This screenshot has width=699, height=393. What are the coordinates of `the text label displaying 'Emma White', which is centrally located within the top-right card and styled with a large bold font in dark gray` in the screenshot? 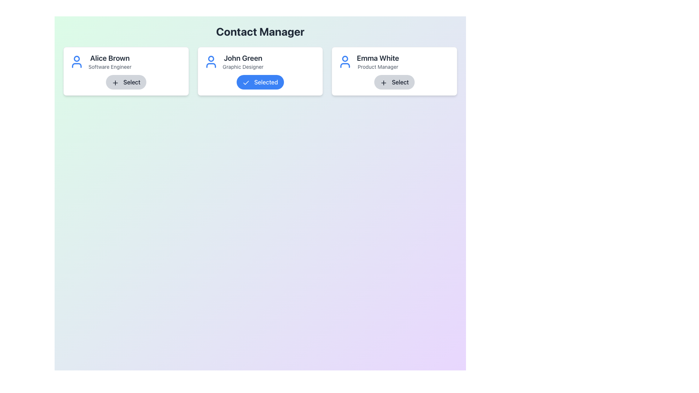 It's located at (378, 57).